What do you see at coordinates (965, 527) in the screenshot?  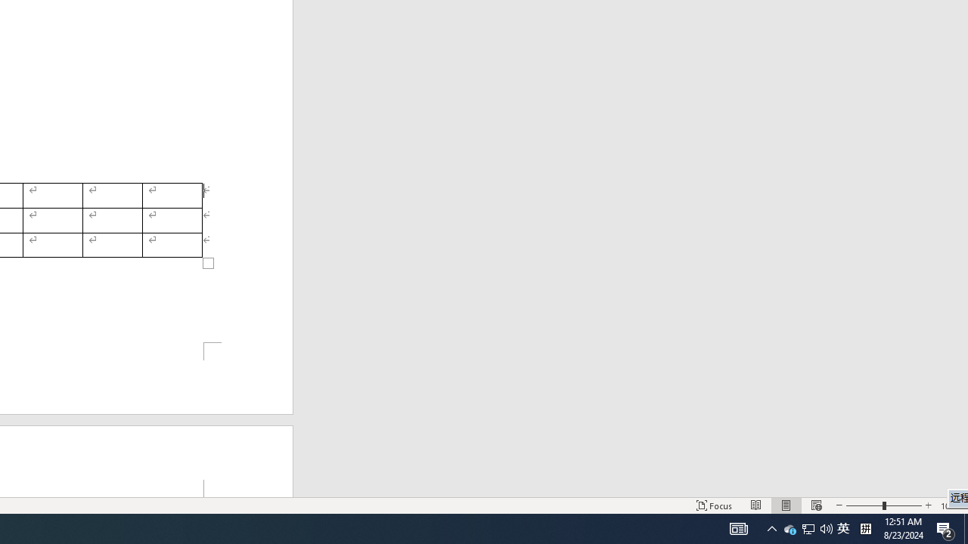 I see `'Show desktop'` at bounding box center [965, 527].